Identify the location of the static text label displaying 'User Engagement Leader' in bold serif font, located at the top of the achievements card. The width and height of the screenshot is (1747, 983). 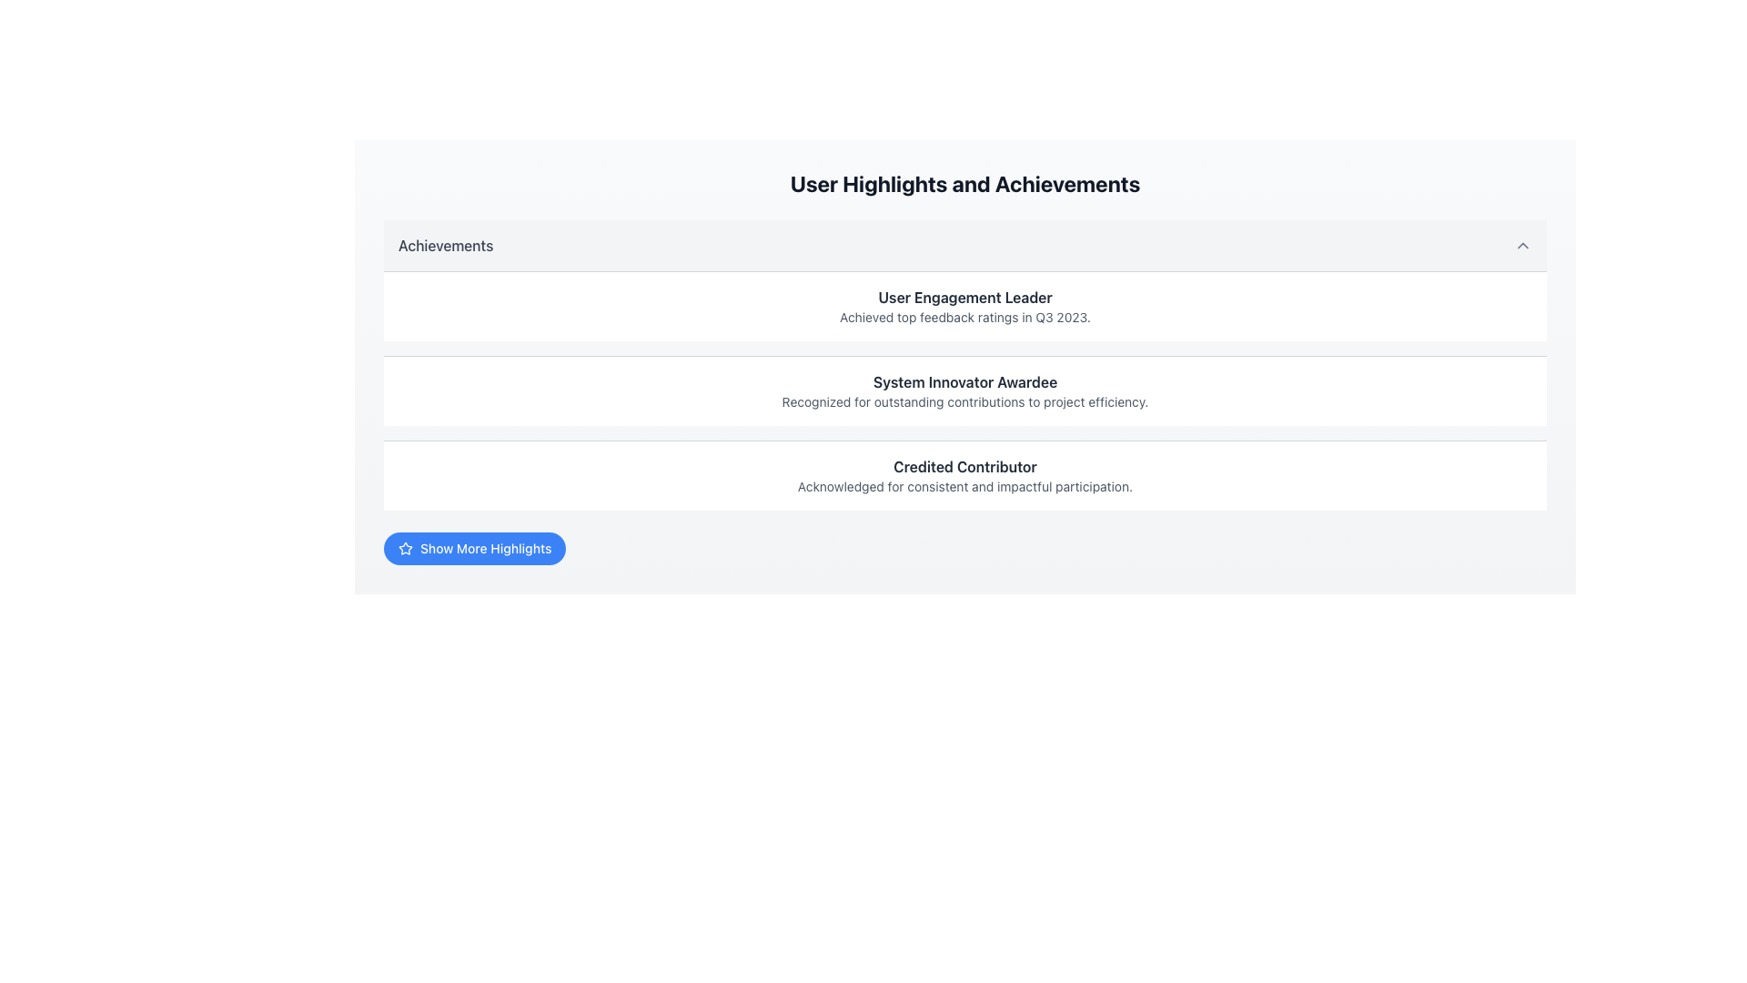
(964, 297).